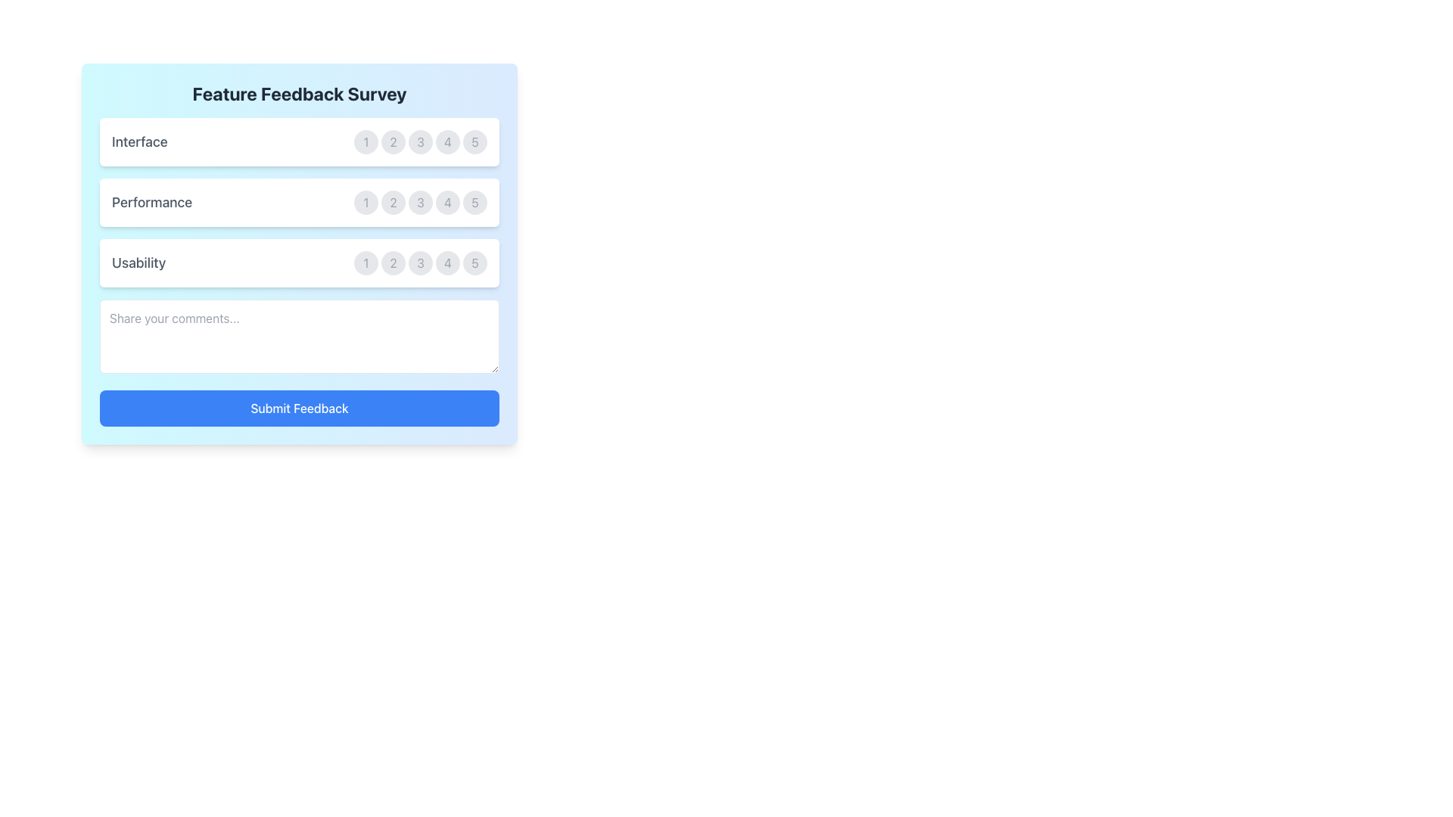 The height and width of the screenshot is (817, 1453). Describe the element at coordinates (474, 262) in the screenshot. I see `the circular button with a light gray background and the number '5' centered in darker gray` at that location.